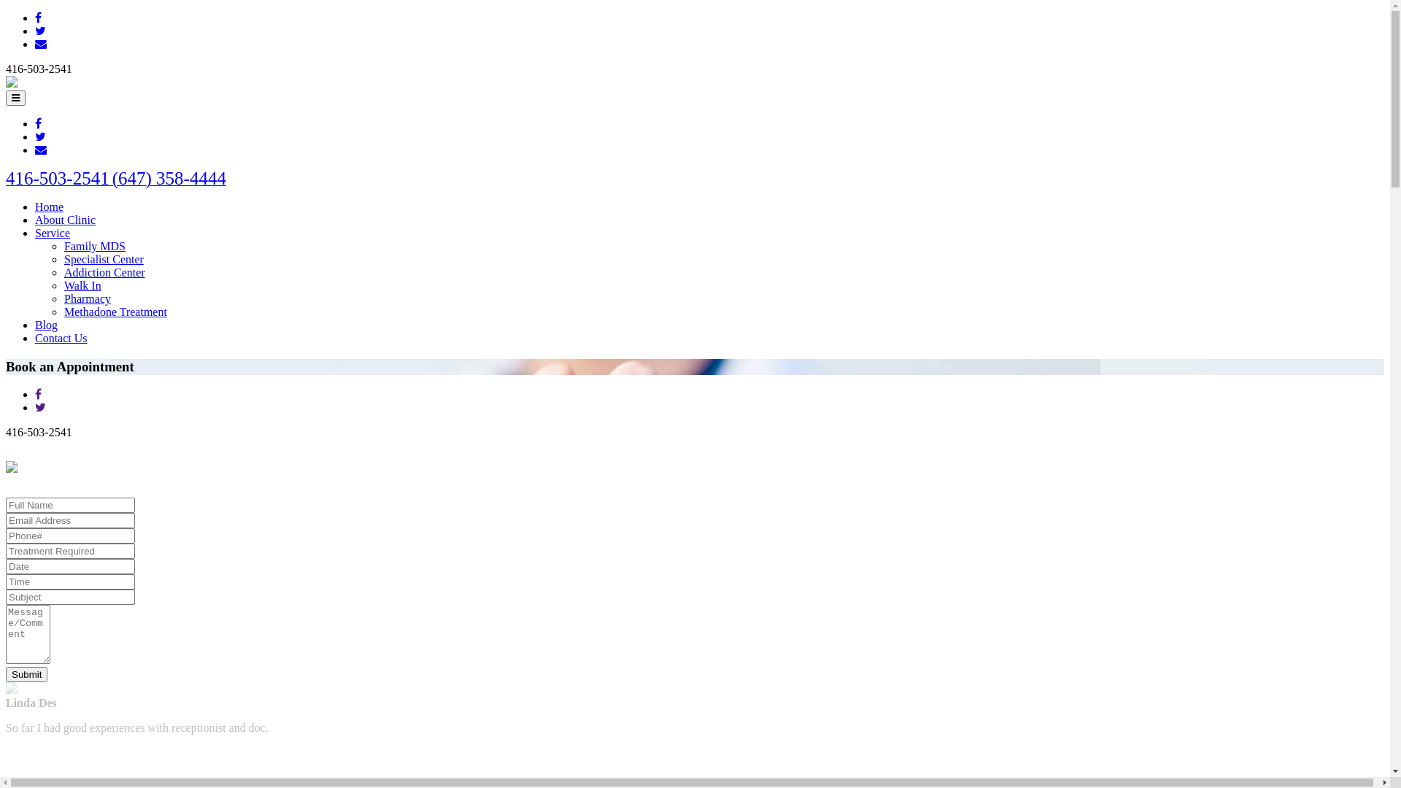 This screenshot has height=788, width=1401. Describe the element at coordinates (93, 245) in the screenshot. I see `'Family MDS'` at that location.